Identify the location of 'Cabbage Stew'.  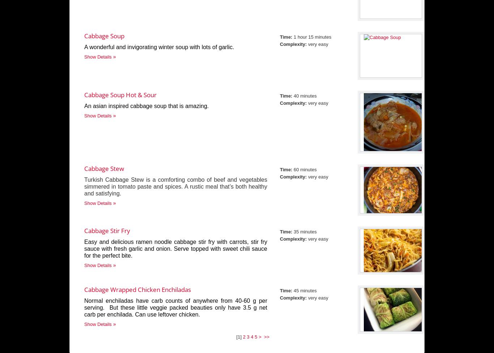
(104, 168).